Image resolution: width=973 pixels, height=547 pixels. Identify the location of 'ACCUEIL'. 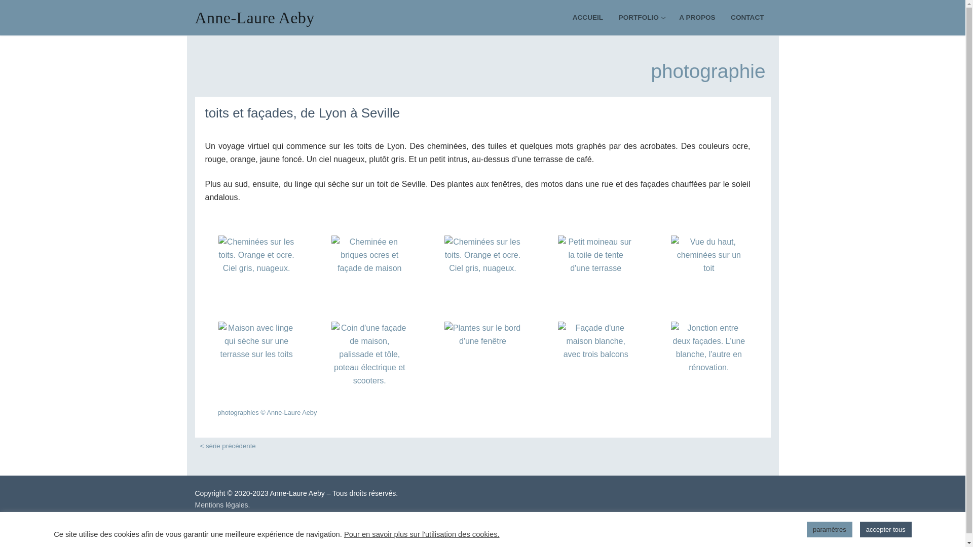
(588, 17).